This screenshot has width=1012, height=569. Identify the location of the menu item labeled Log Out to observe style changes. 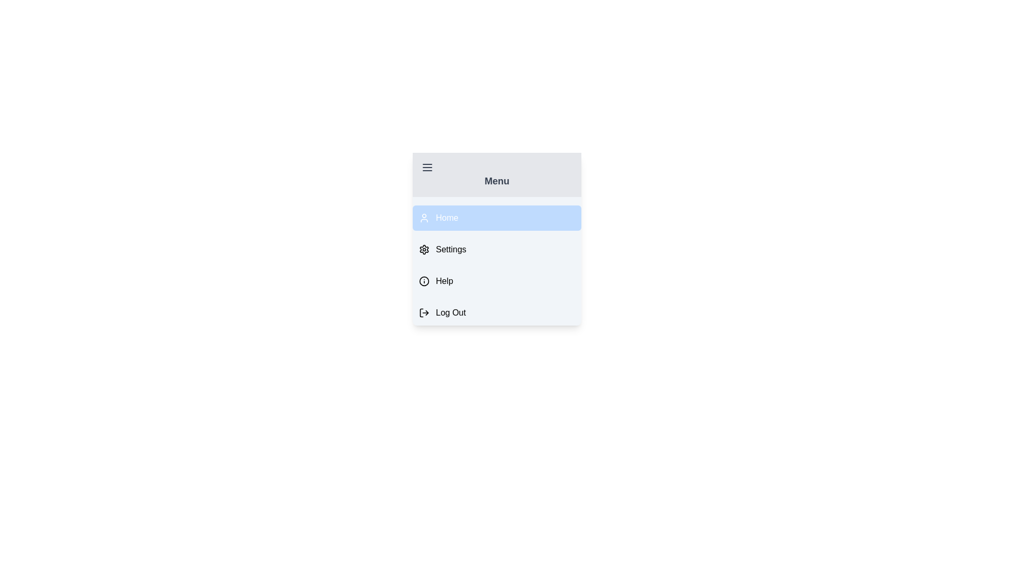
(496, 312).